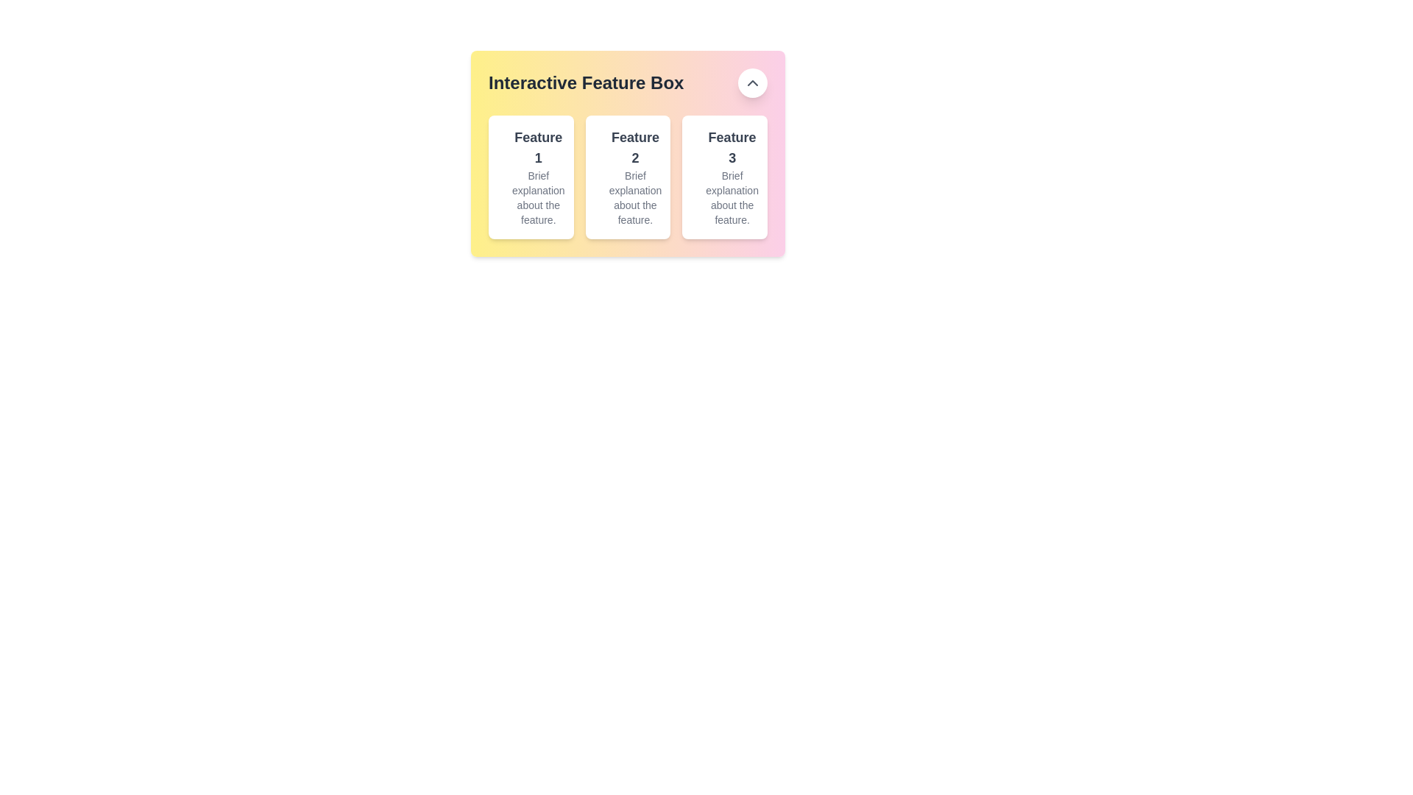 Image resolution: width=1413 pixels, height=795 pixels. Describe the element at coordinates (537, 176) in the screenshot. I see `text block containing the heading 'Feature 1' and the paragraph 'Brief explanation about the feature.' located in the first feature card on the left side of the 'Interactive Feature Box' section` at that location.